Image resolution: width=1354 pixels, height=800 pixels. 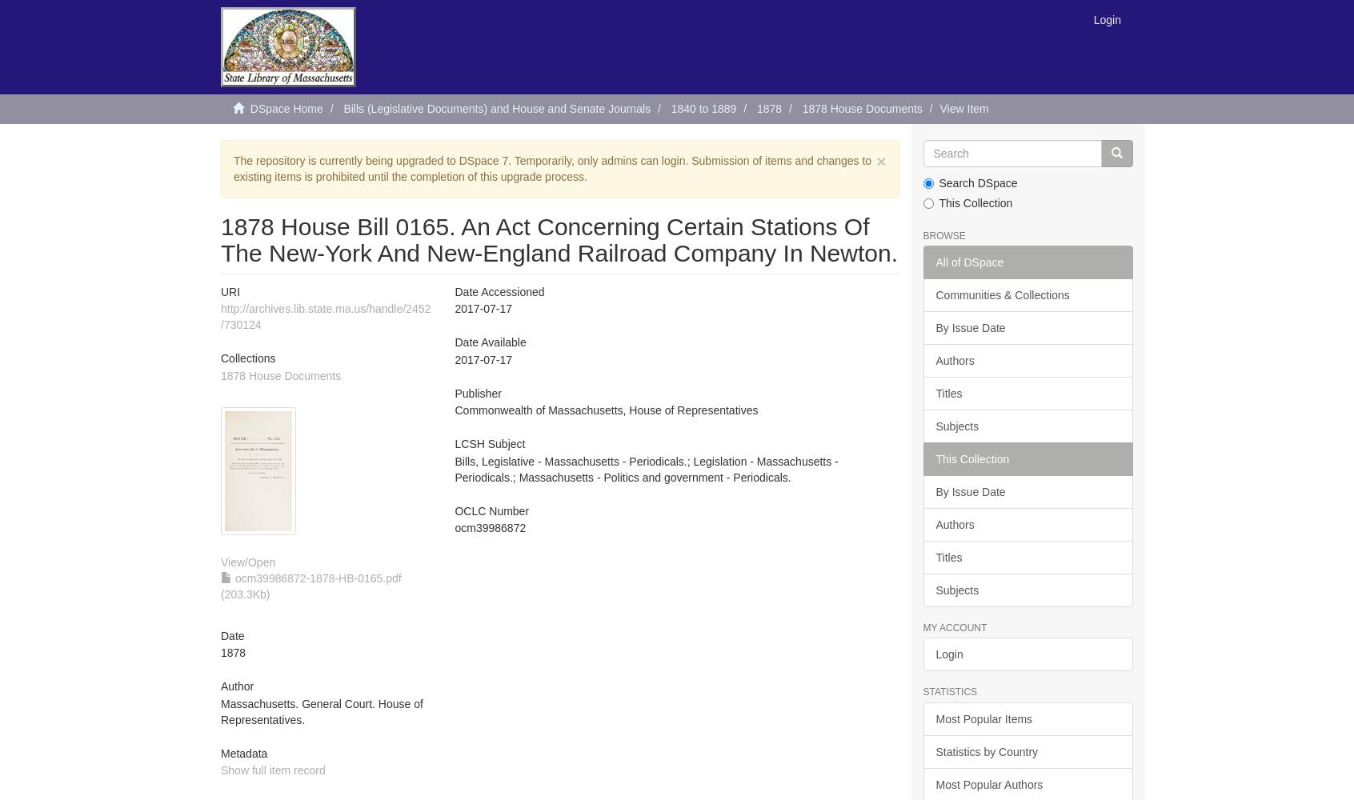 I want to click on 'ocm39986872', so click(x=489, y=527).